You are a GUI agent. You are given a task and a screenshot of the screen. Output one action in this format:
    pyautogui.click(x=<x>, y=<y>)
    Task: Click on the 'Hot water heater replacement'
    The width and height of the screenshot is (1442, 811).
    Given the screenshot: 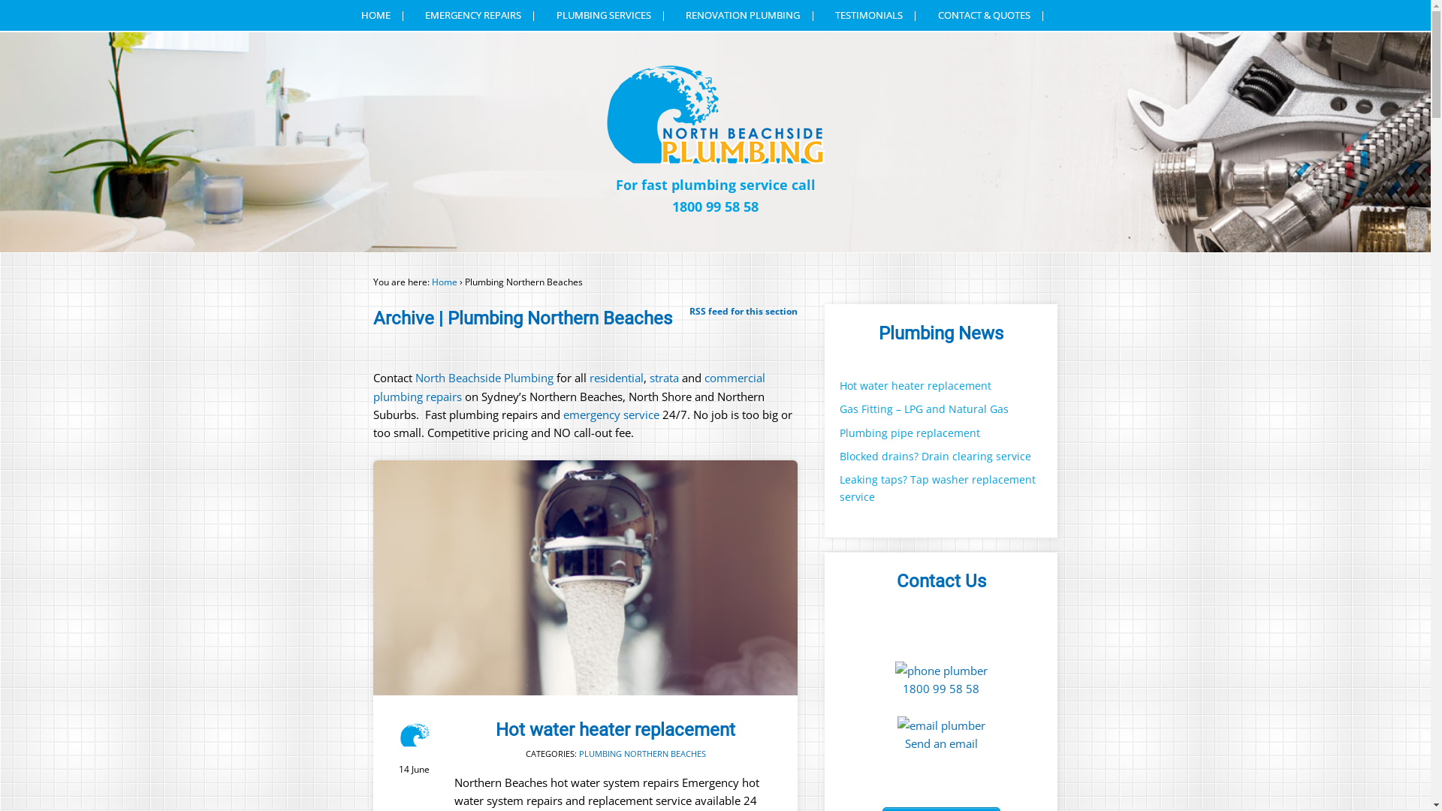 What is the action you would take?
    pyautogui.click(x=615, y=729)
    